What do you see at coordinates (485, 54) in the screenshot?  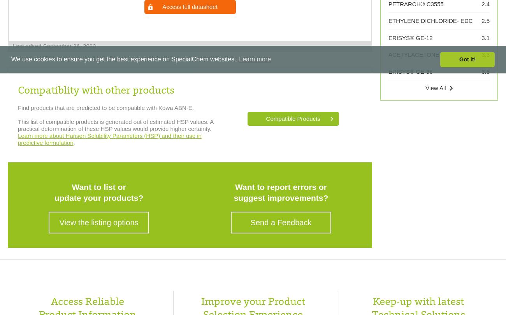 I see `'3.3'` at bounding box center [485, 54].